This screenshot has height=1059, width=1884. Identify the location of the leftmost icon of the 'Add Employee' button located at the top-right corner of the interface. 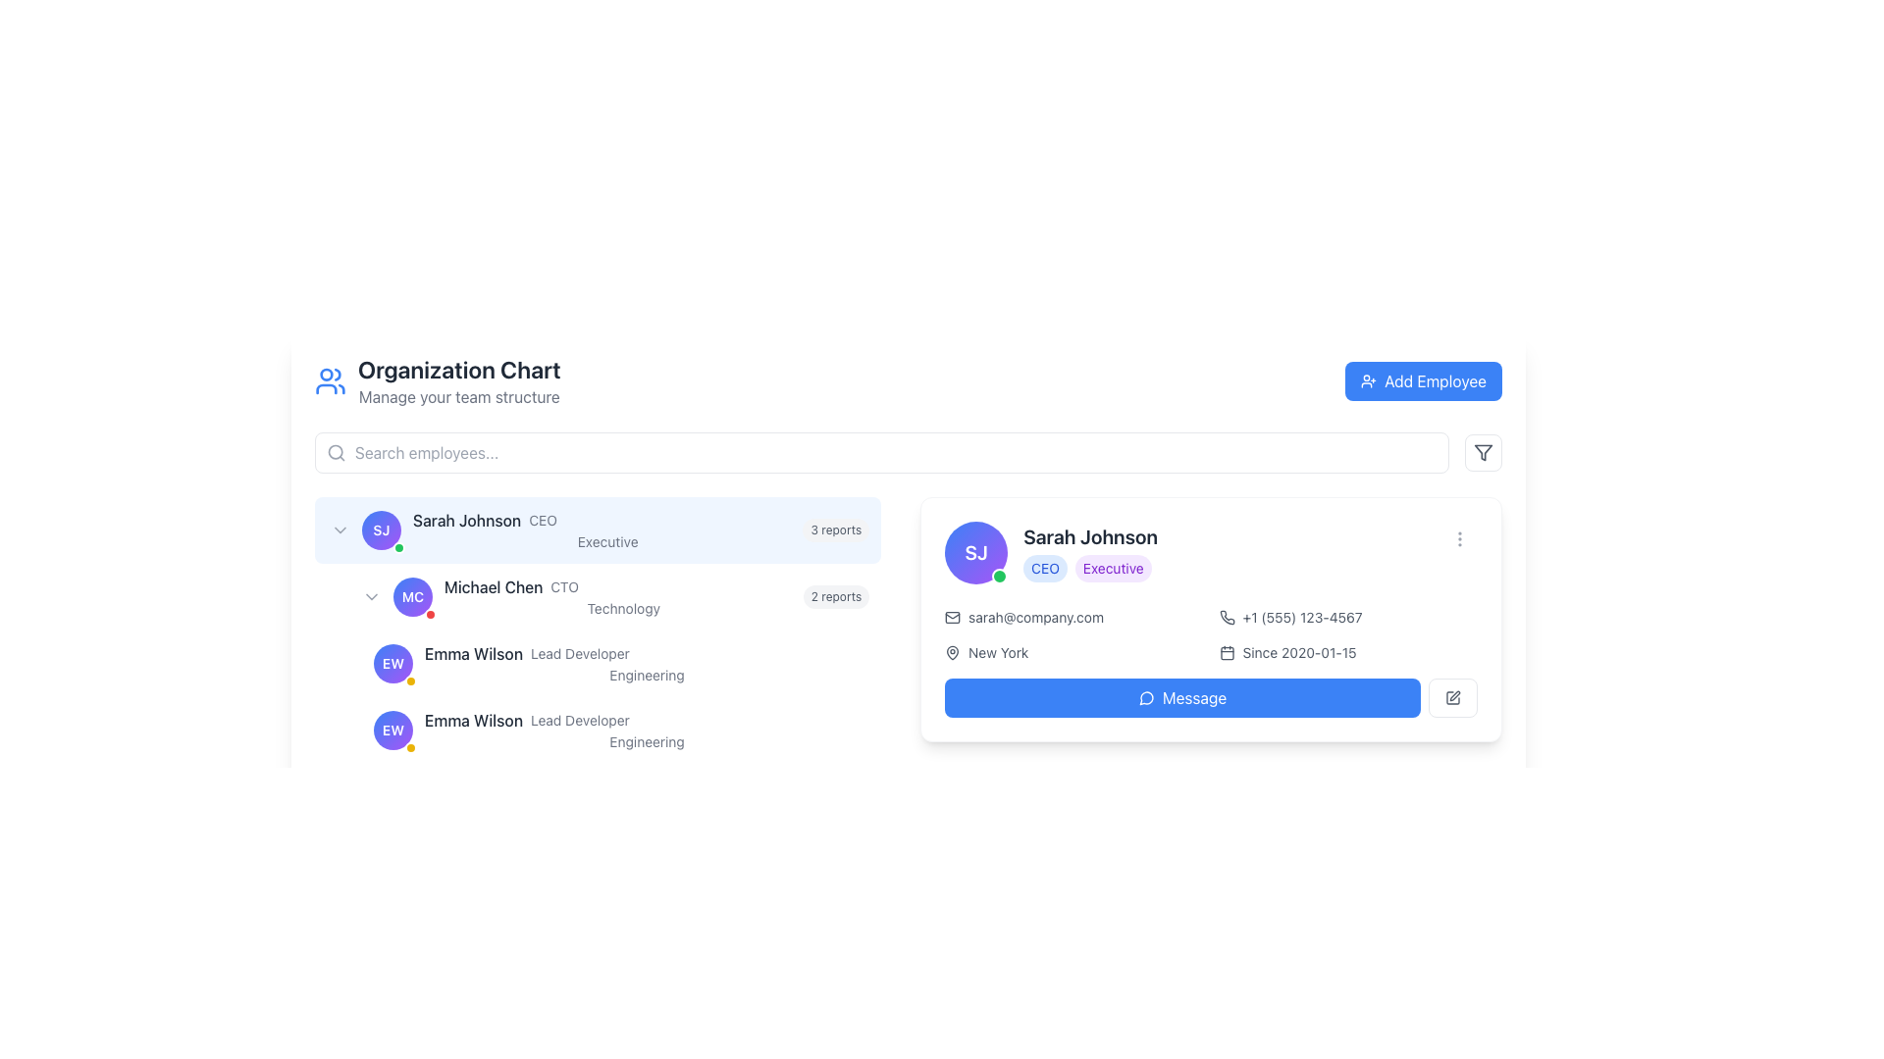
(1368, 381).